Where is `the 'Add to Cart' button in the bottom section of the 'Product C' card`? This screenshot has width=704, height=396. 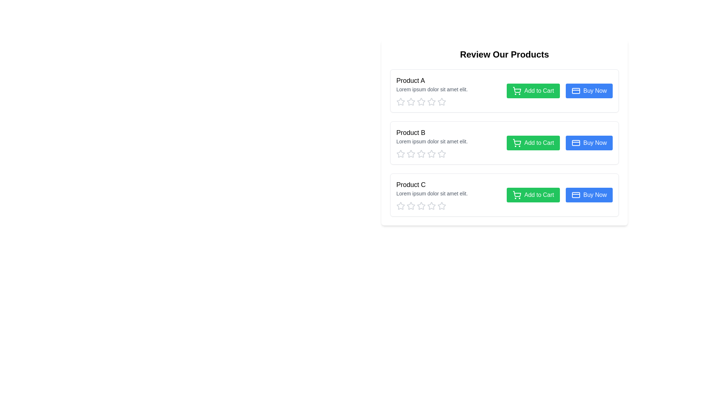 the 'Add to Cart' button in the bottom section of the 'Product C' card is located at coordinates (559, 195).